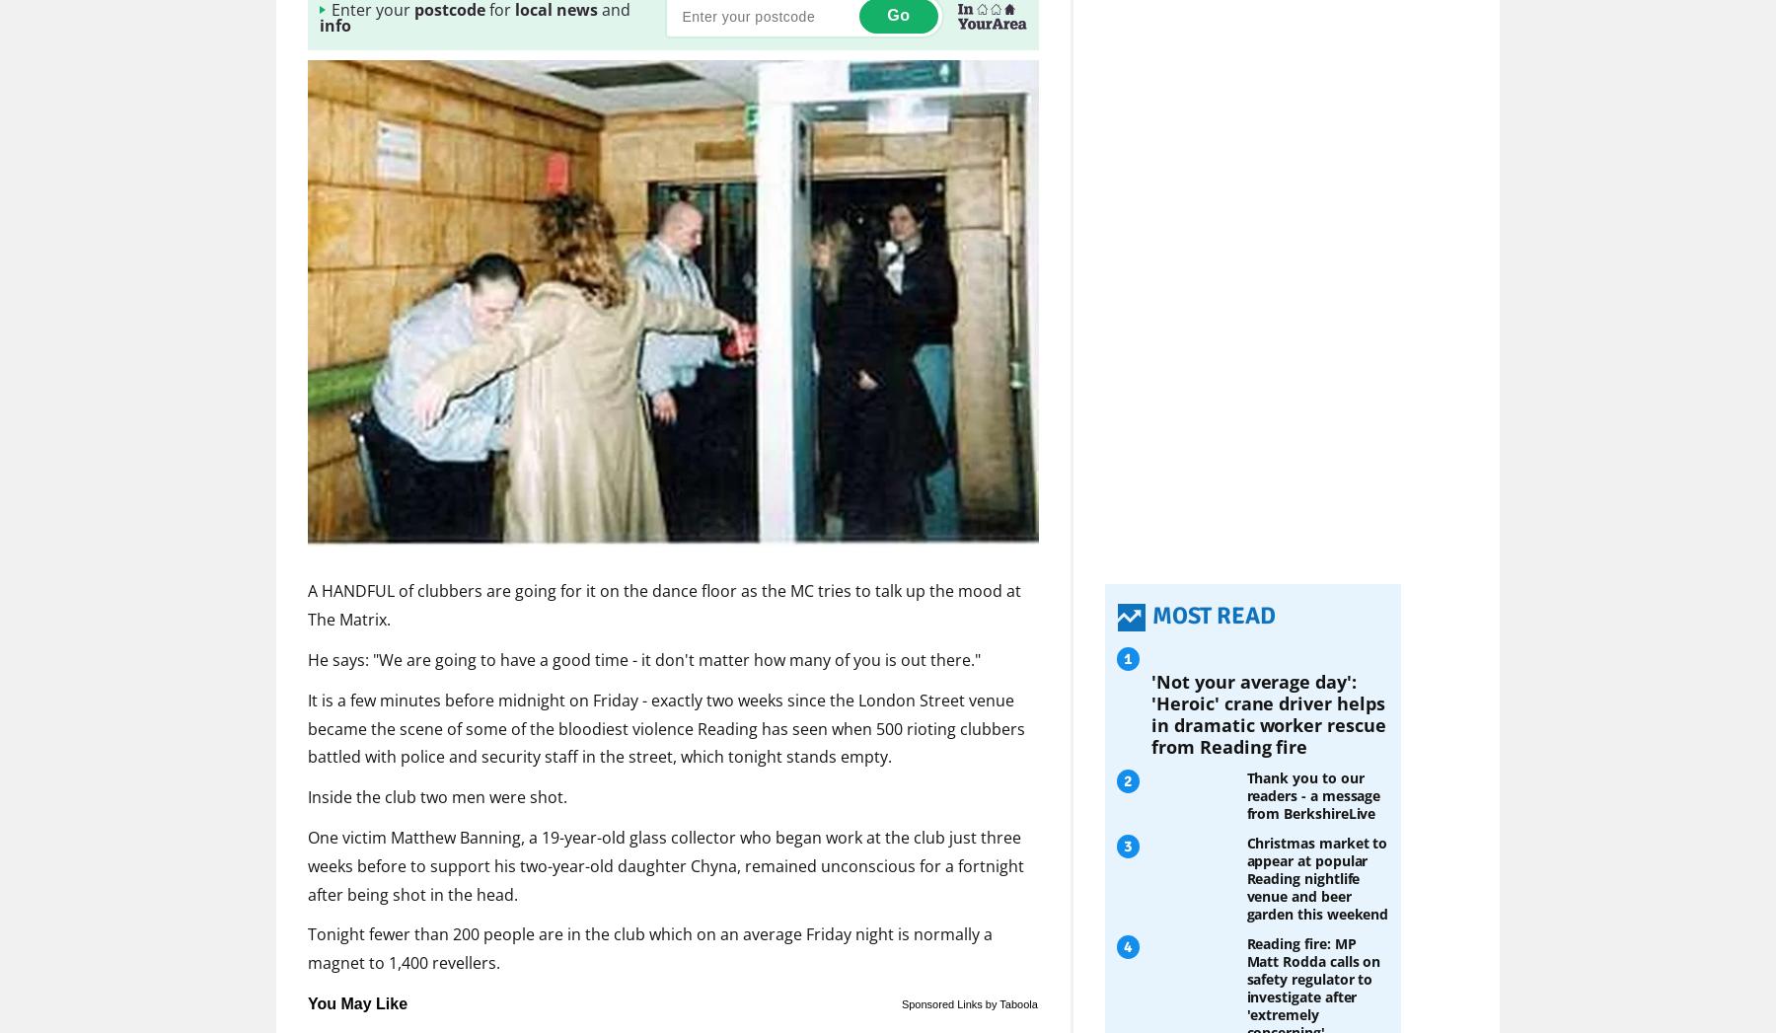 The height and width of the screenshot is (1033, 1776). What do you see at coordinates (644, 657) in the screenshot?
I see `'He says: "We are going to have a good time - it don't matter how many of you is out there."'` at bounding box center [644, 657].